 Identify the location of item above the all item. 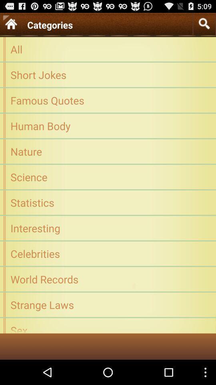
(204, 23).